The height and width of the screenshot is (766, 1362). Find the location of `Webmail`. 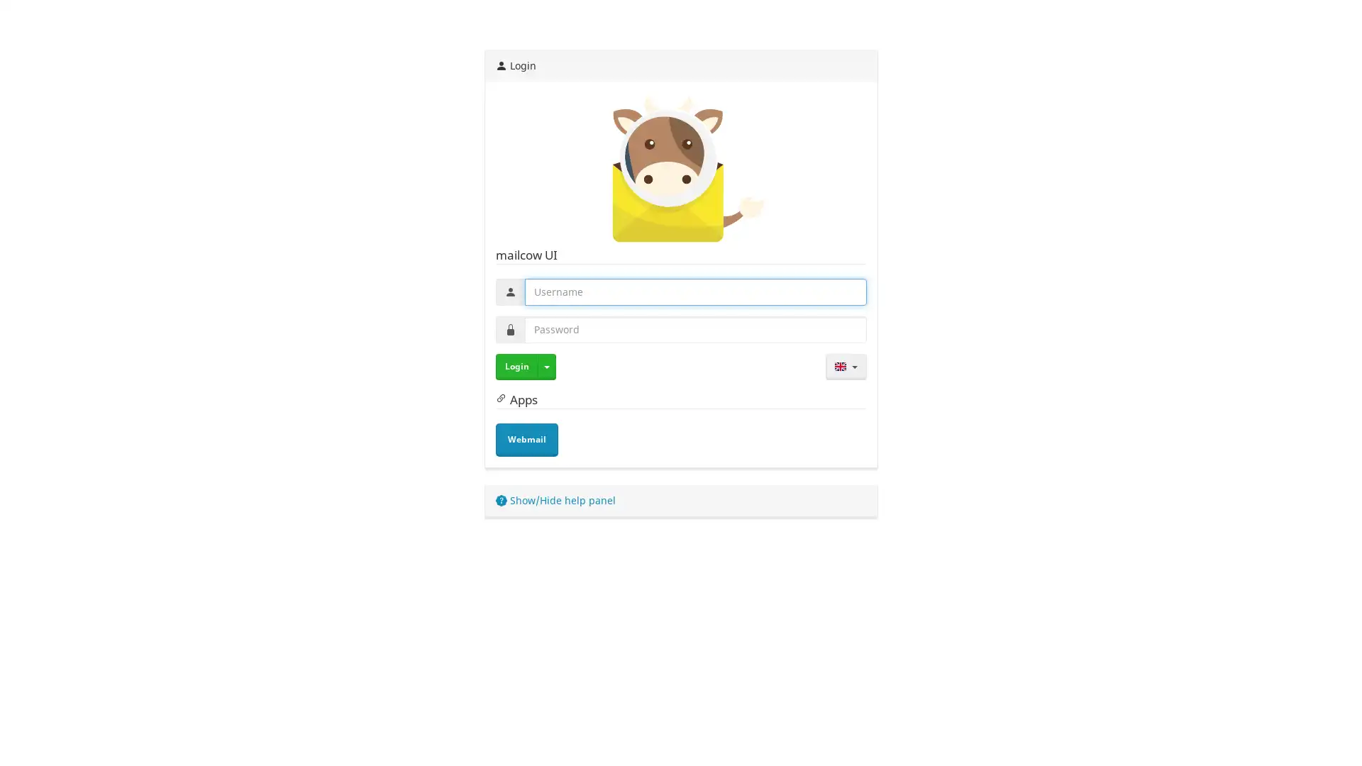

Webmail is located at coordinates (526, 439).